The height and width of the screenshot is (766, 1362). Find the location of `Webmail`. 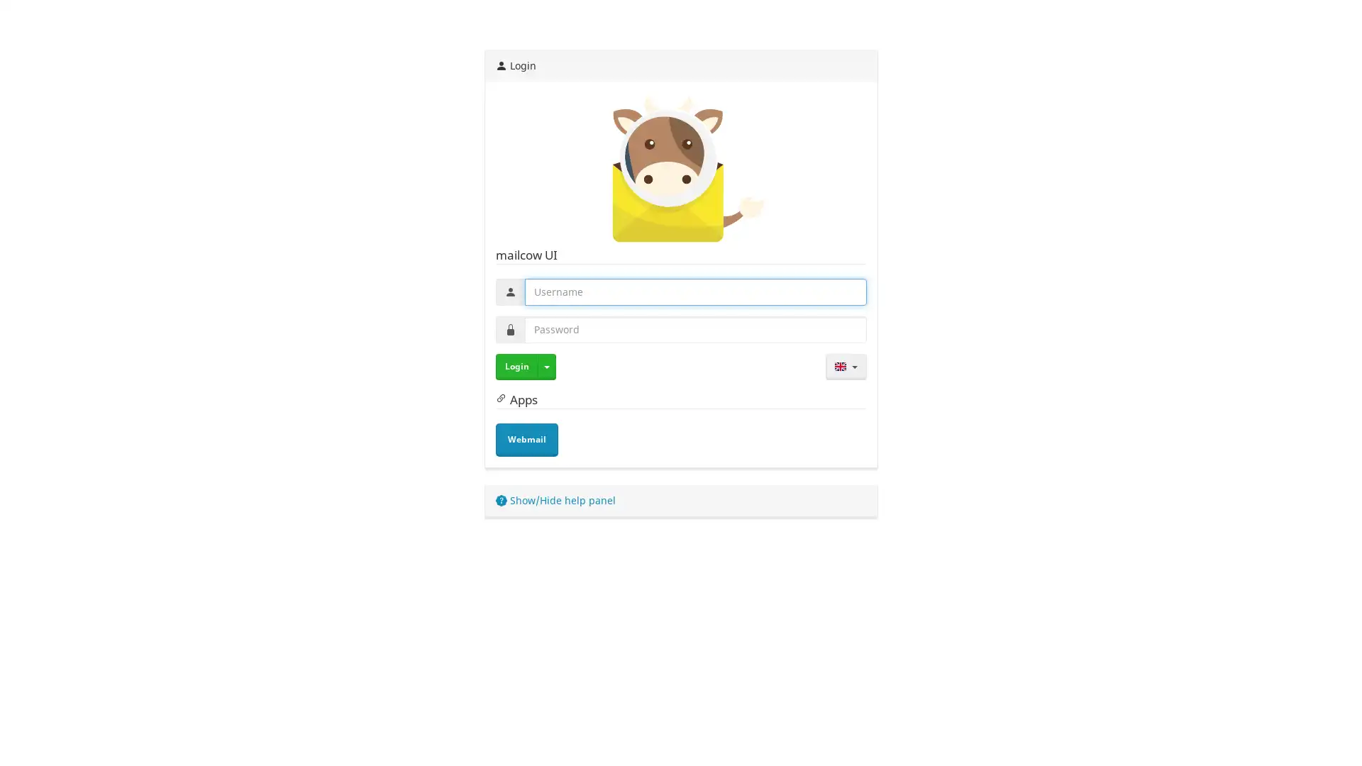

Webmail is located at coordinates (526, 439).